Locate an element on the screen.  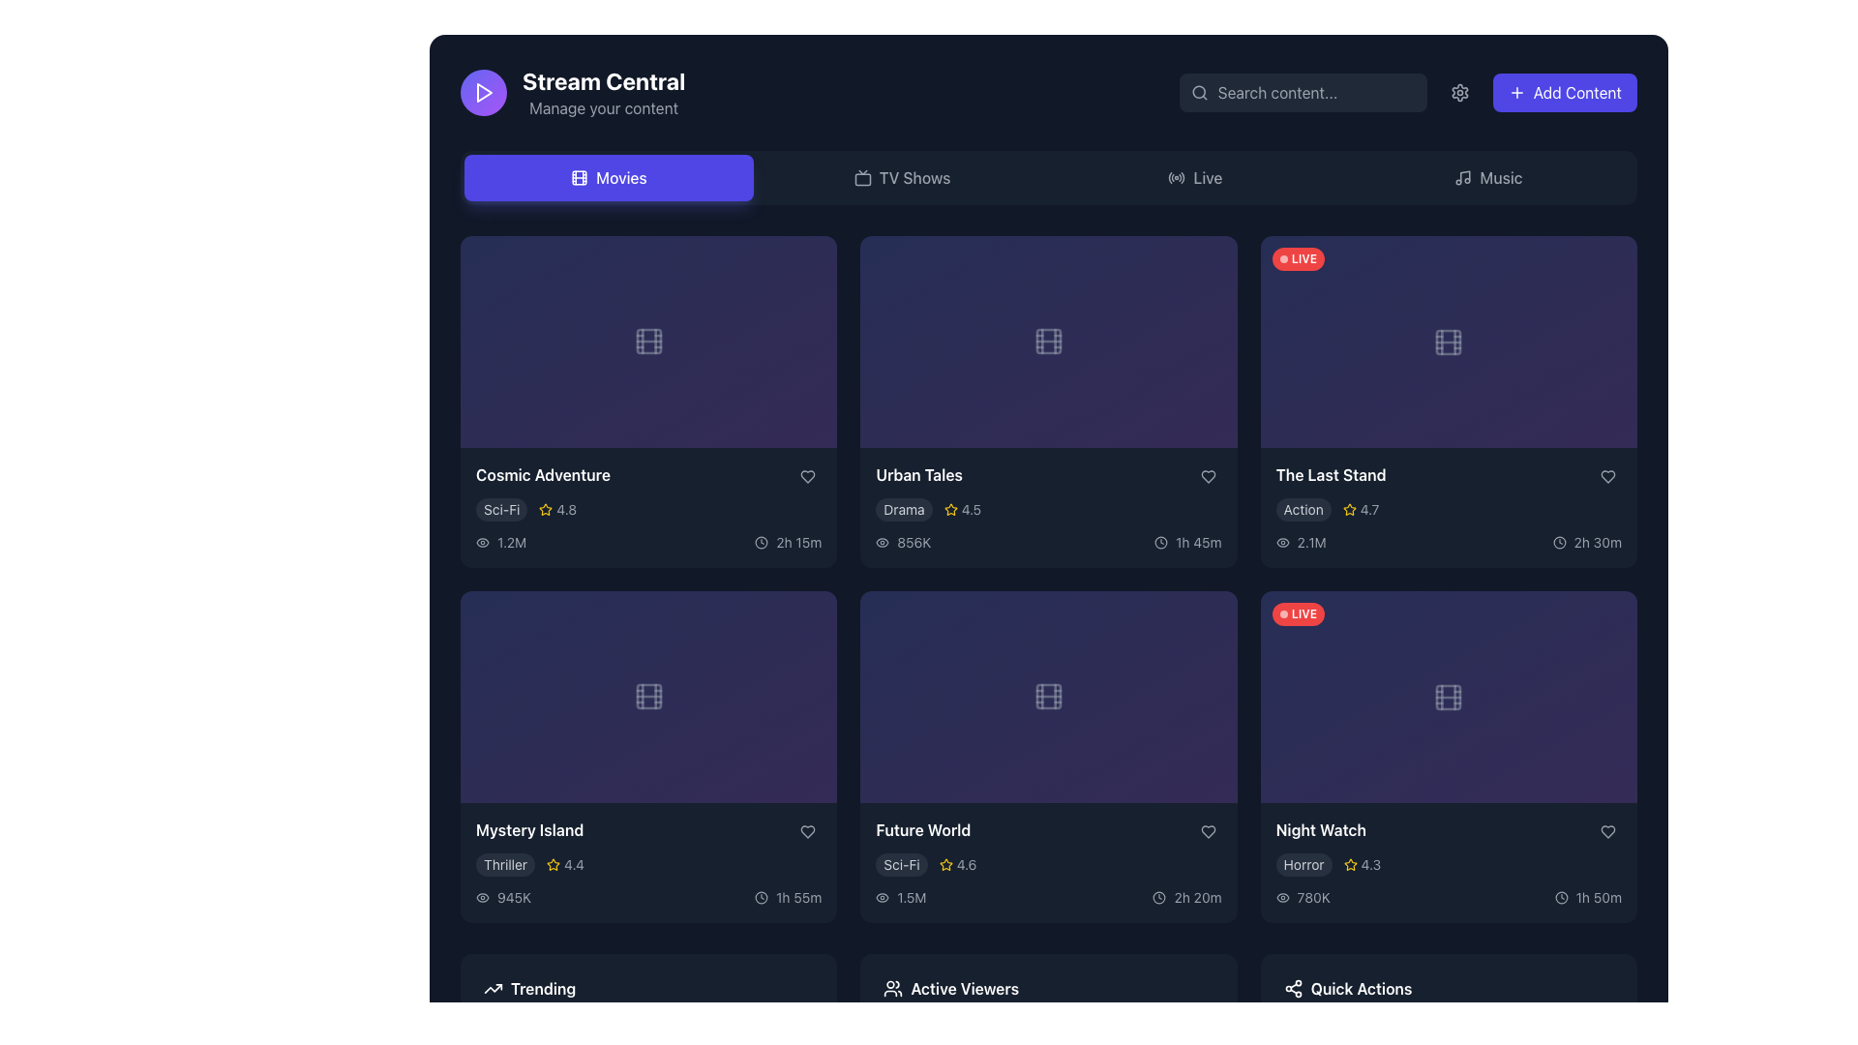
the 'Night Watch' Text Label element, which displays bold text against a dark background, located in the lower section of the last item in the right column of a grid layout is located at coordinates (1320, 828).